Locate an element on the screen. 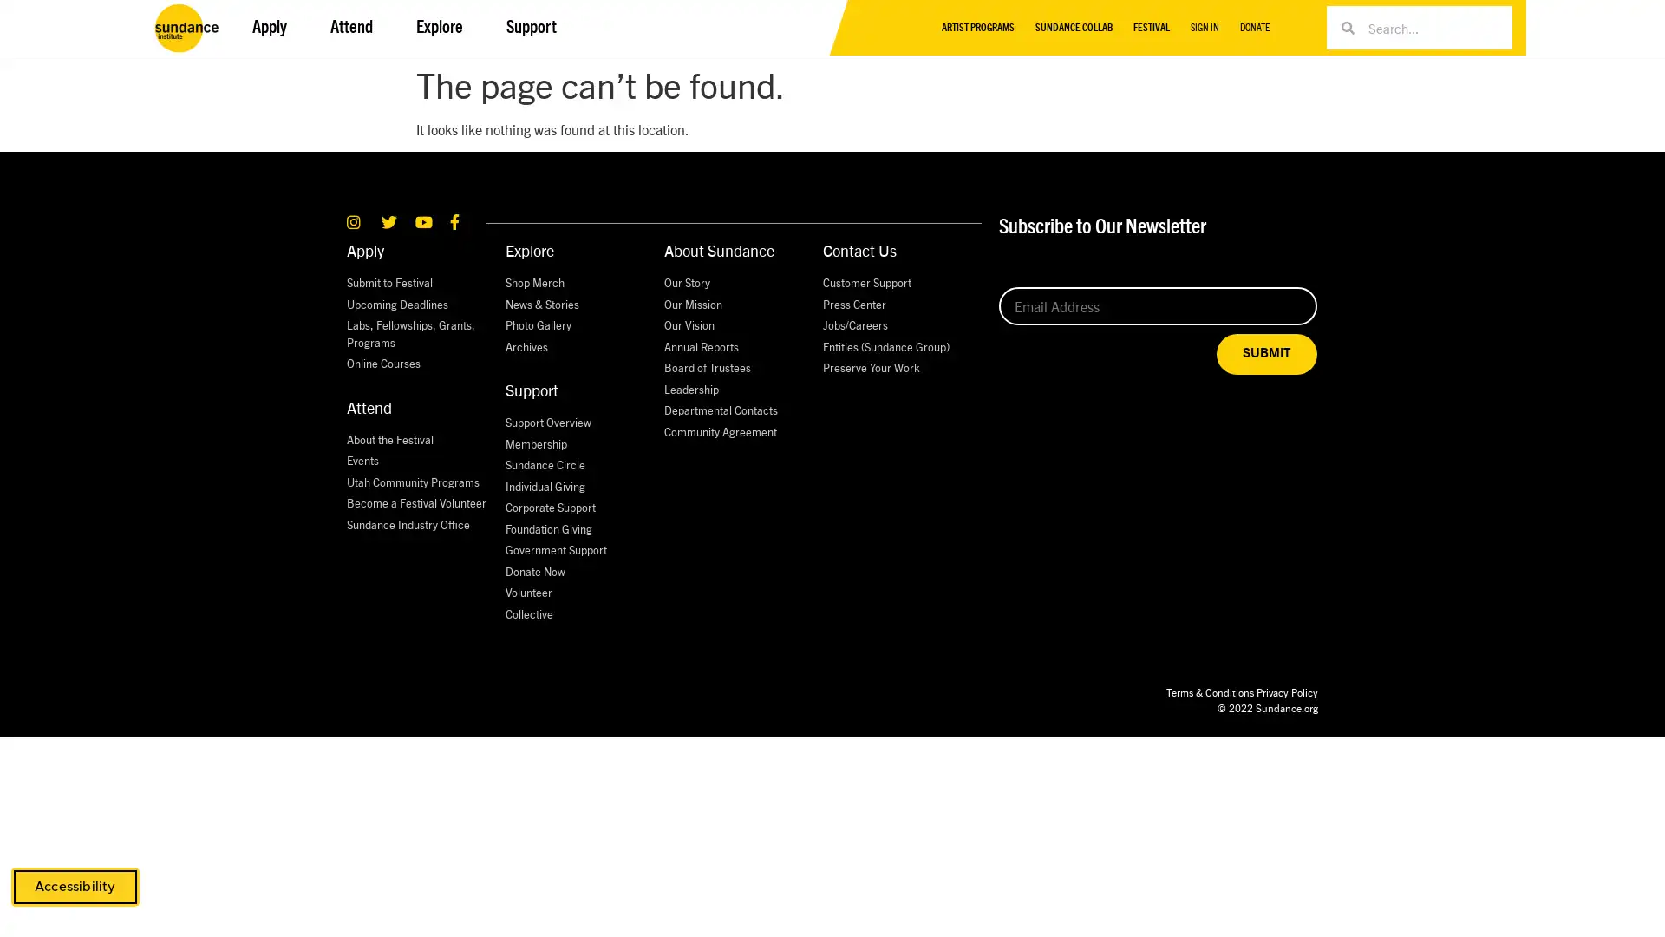  Accessibility Menu is located at coordinates (74, 887).